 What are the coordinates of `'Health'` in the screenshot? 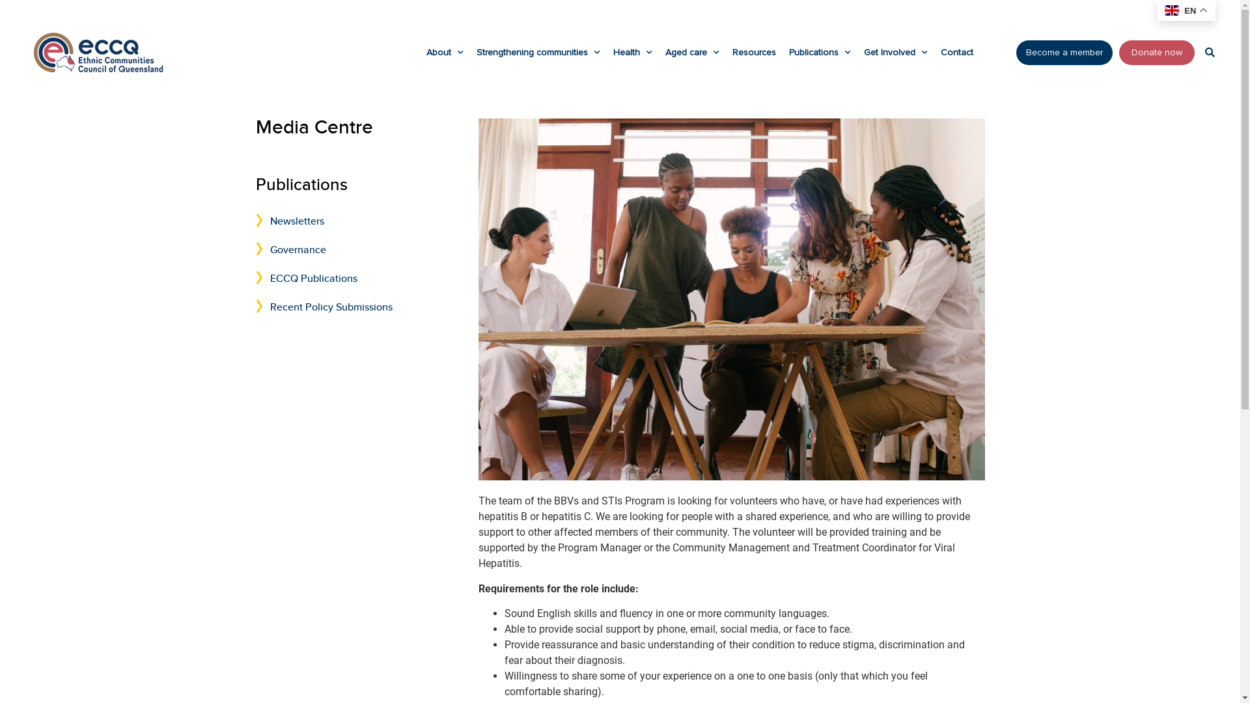 It's located at (632, 52).